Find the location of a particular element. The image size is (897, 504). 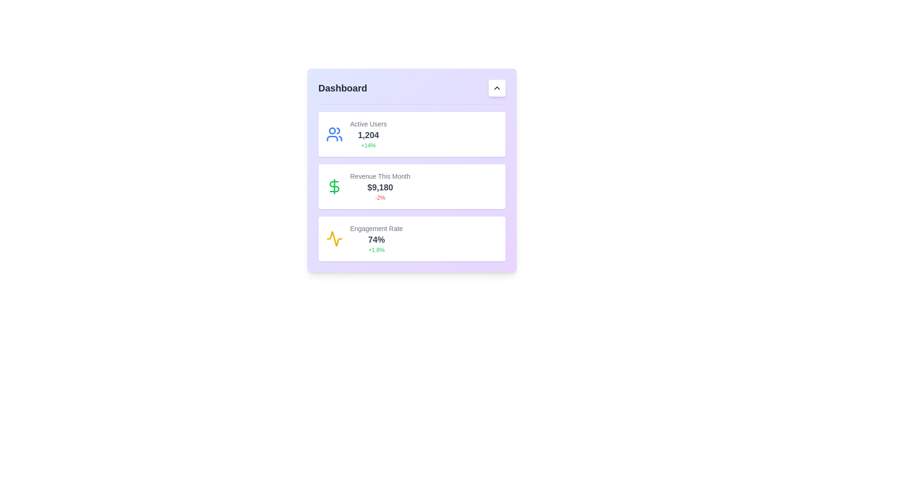

the Text Display element that shows the active user count '1,204', located within the card titled 'Active Users' on the dashboard is located at coordinates (368, 135).